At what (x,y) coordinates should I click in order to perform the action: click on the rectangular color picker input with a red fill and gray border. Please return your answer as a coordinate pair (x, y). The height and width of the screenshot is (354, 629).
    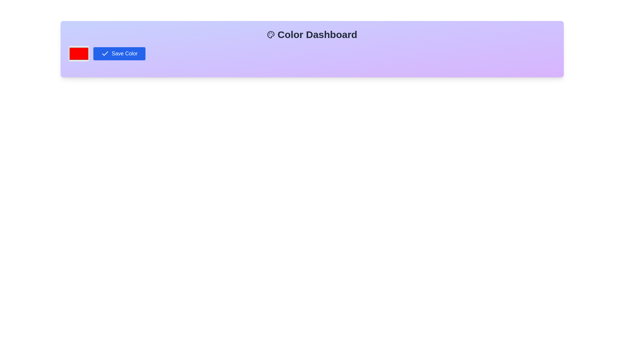
    Looking at the image, I should click on (79, 53).